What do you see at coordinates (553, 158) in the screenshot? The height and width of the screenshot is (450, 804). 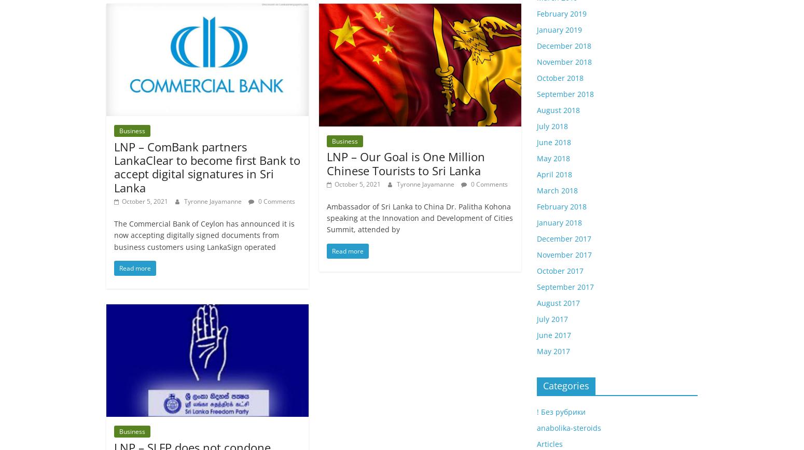 I see `'May 2018'` at bounding box center [553, 158].